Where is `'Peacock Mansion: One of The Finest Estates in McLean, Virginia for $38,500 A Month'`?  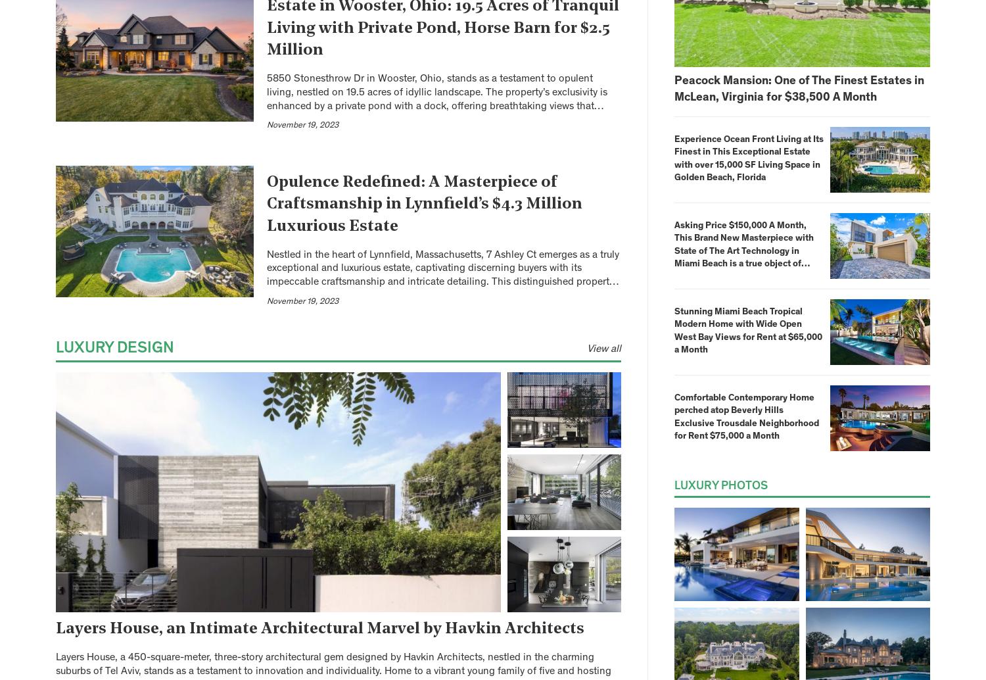 'Peacock Mansion: One of The Finest Estates in McLean, Virginia for $38,500 A Month' is located at coordinates (799, 89).